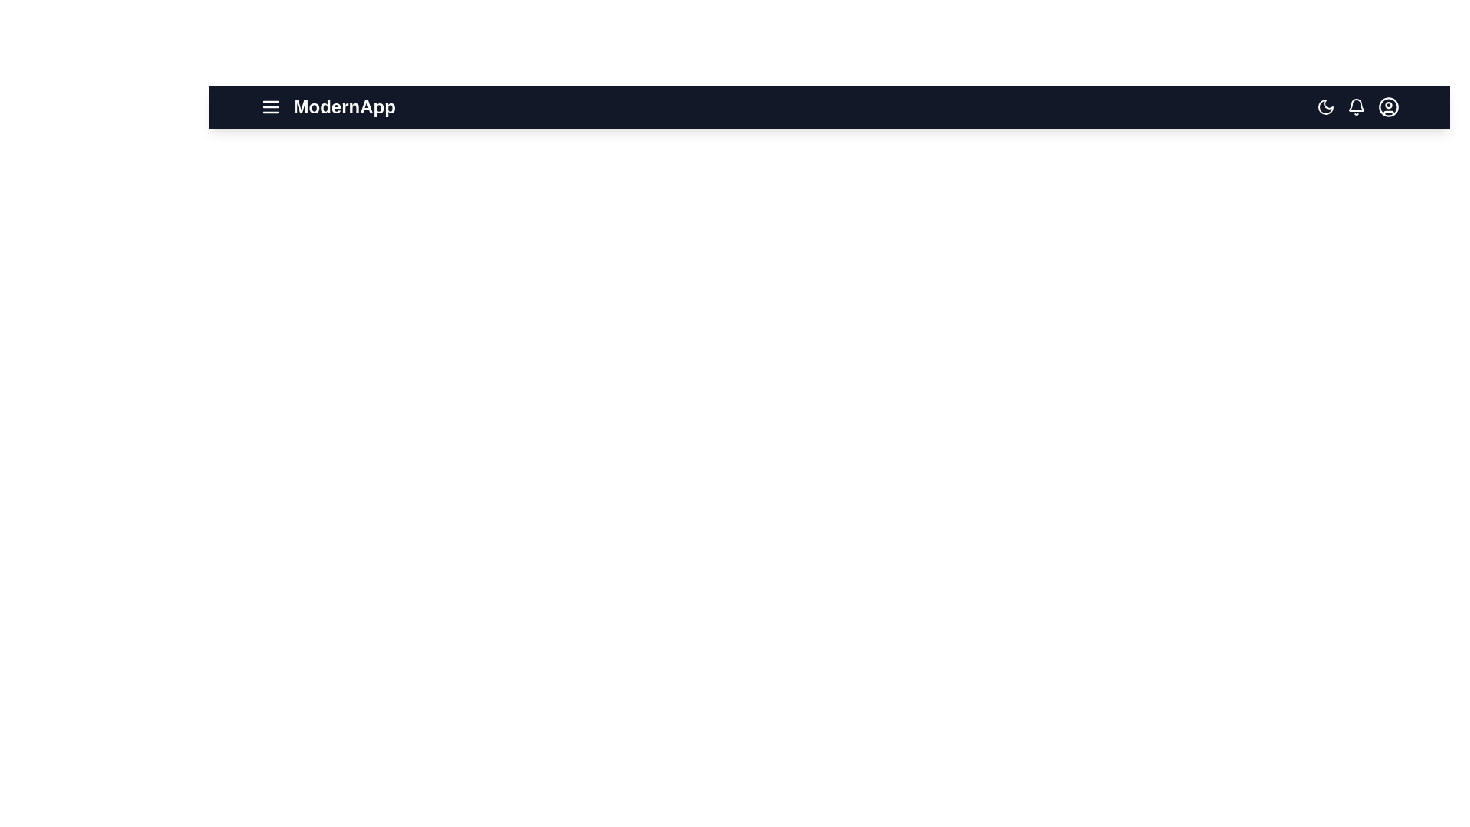  Describe the element at coordinates (270, 106) in the screenshot. I see `the menu icon to open the menu` at that location.